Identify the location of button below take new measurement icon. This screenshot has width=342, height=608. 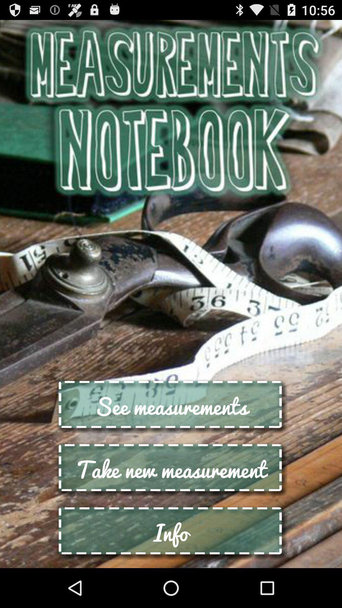
(171, 532).